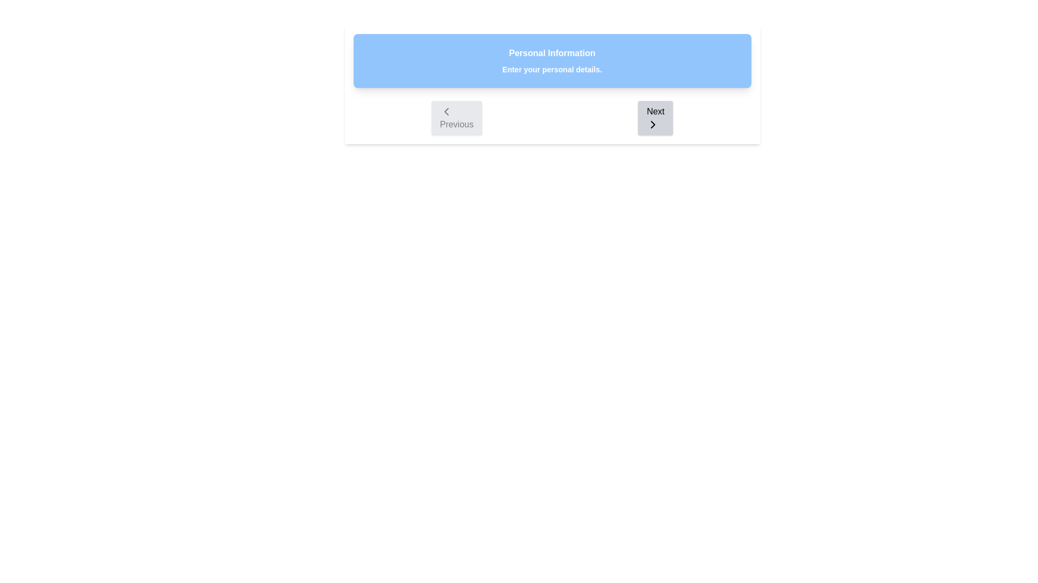 This screenshot has width=1038, height=583. What do you see at coordinates (446, 112) in the screenshot?
I see `the navigation icon within the 'Previous' button located in the lower left part of the navigation panel` at bounding box center [446, 112].